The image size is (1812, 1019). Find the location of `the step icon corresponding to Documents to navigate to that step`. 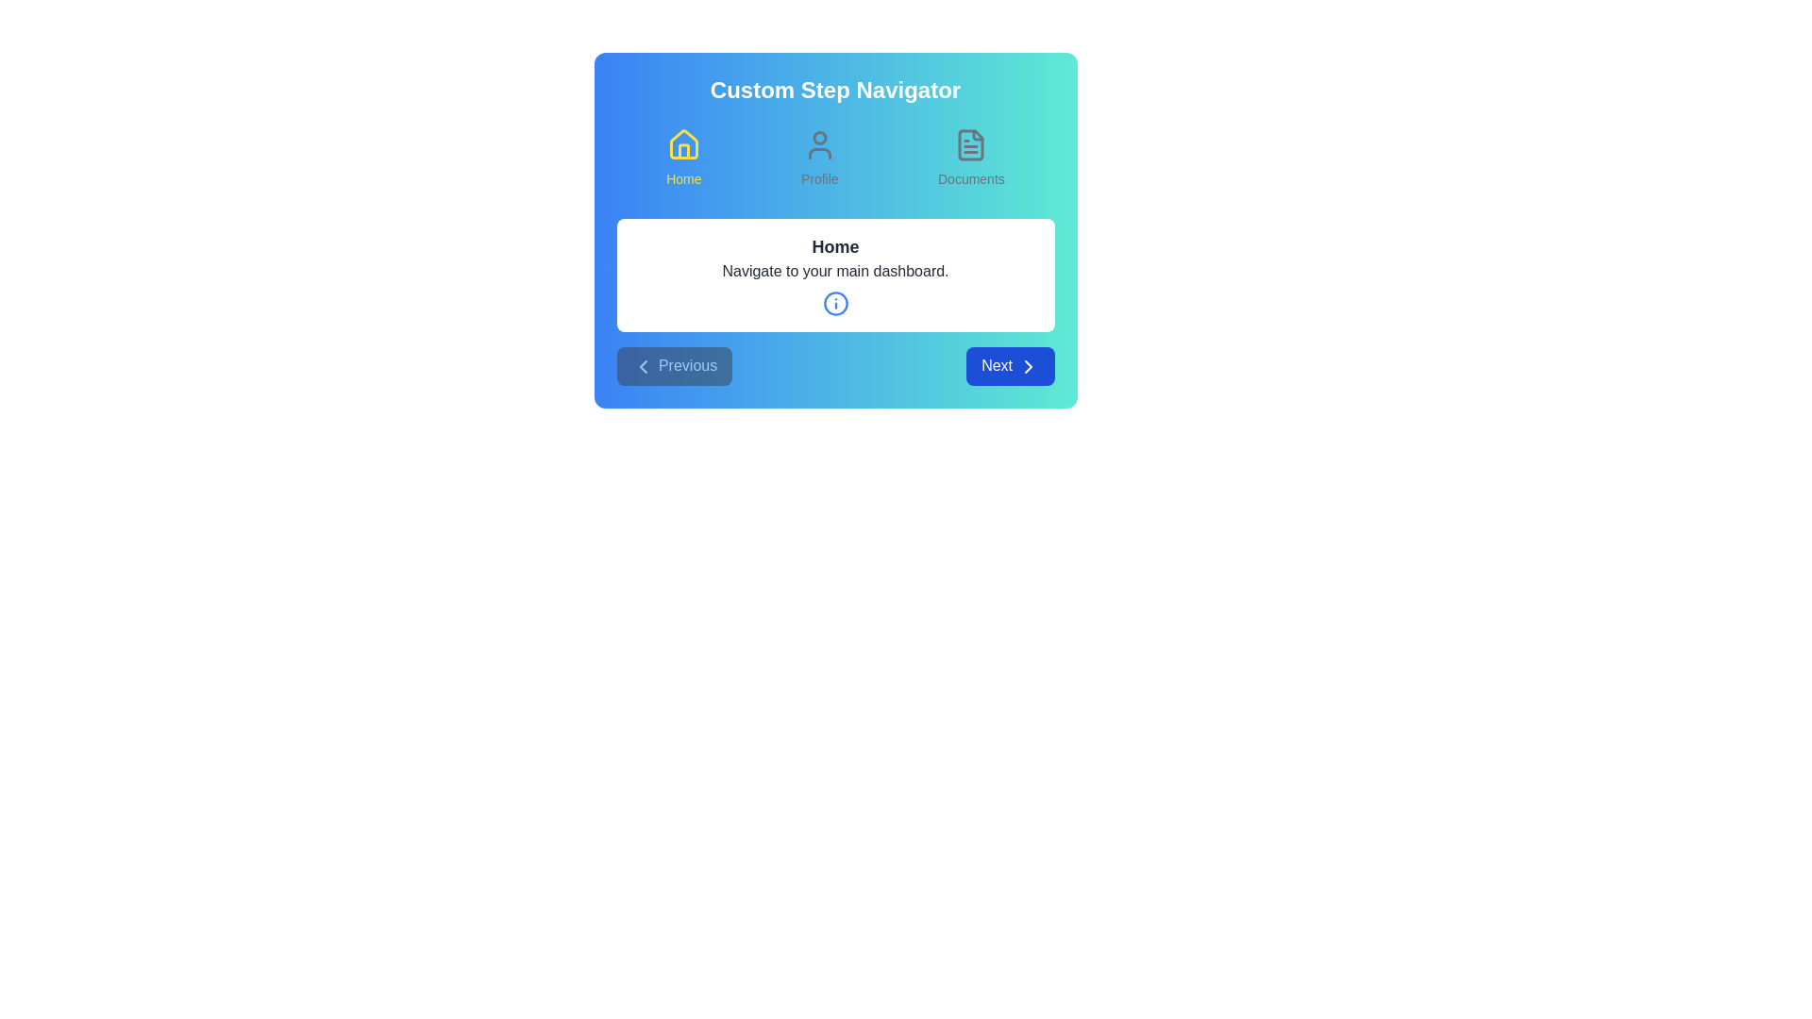

the step icon corresponding to Documents to navigate to that step is located at coordinates (971, 158).